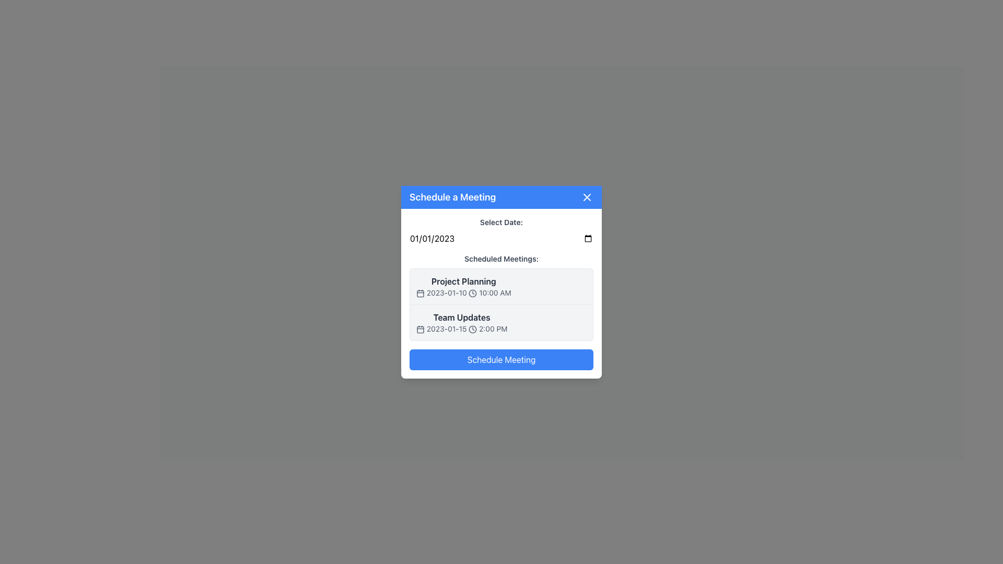  Describe the element at coordinates (501, 359) in the screenshot. I see `the 'Schedule Meeting' button, which is a rectangular button with rounded edges and a blue background located at the bottom of the modal window` at that location.